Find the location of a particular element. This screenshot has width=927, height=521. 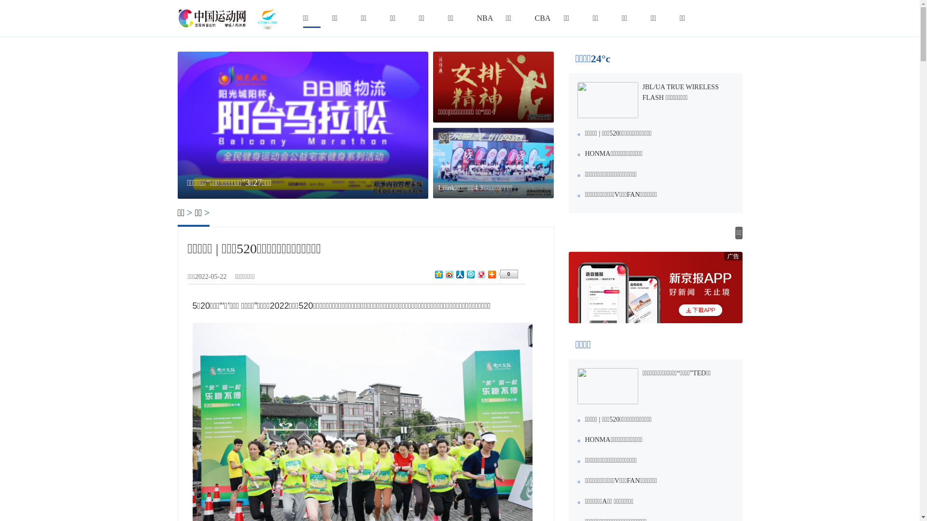

'CBA' is located at coordinates (543, 18).